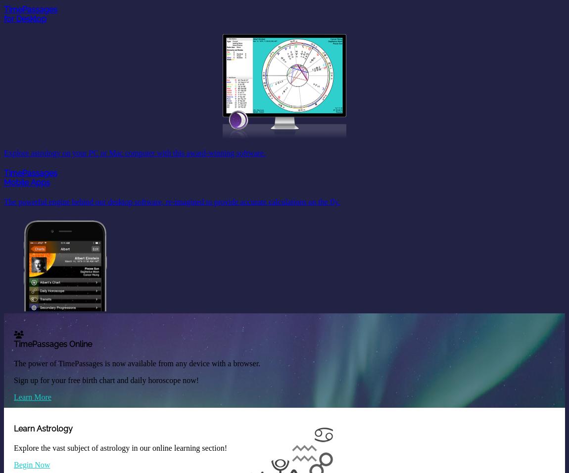 This screenshot has height=473, width=569. Describe the element at coordinates (24, 18) in the screenshot. I see `'for Desktop'` at that location.